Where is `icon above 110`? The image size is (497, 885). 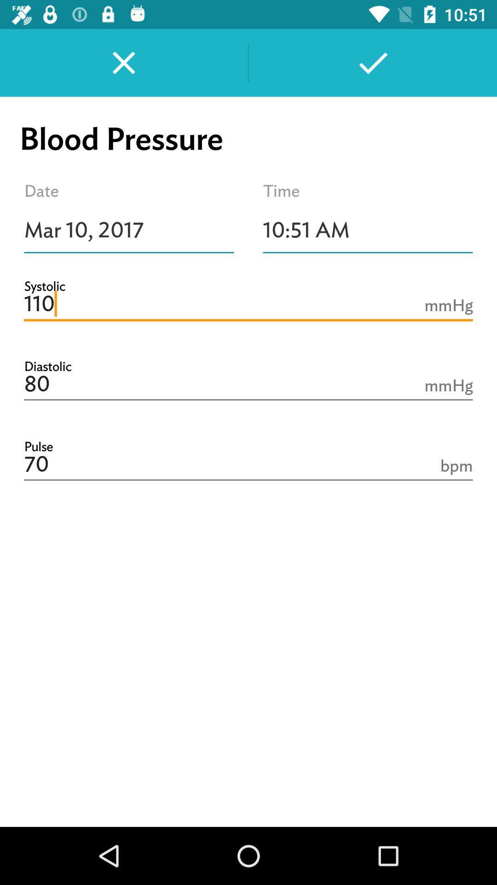
icon above 110 is located at coordinates (367, 230).